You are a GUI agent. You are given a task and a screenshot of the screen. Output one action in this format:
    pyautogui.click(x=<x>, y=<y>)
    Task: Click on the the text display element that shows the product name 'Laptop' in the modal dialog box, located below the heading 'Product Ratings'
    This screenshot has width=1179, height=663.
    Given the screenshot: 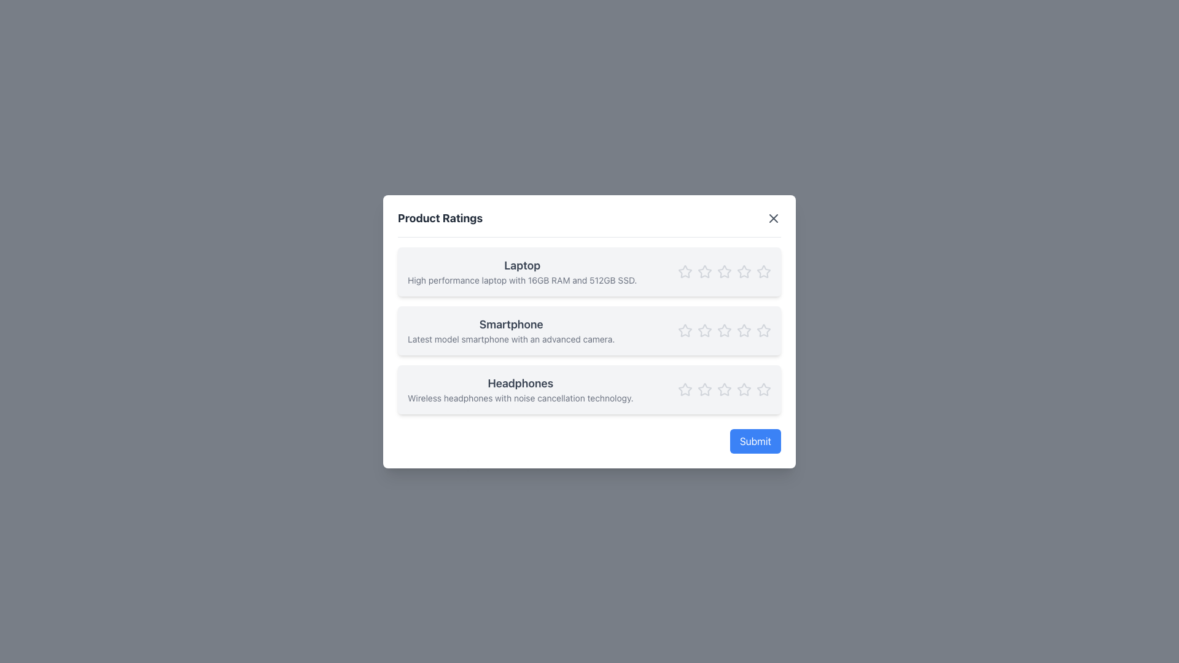 What is the action you would take?
    pyautogui.click(x=522, y=271)
    